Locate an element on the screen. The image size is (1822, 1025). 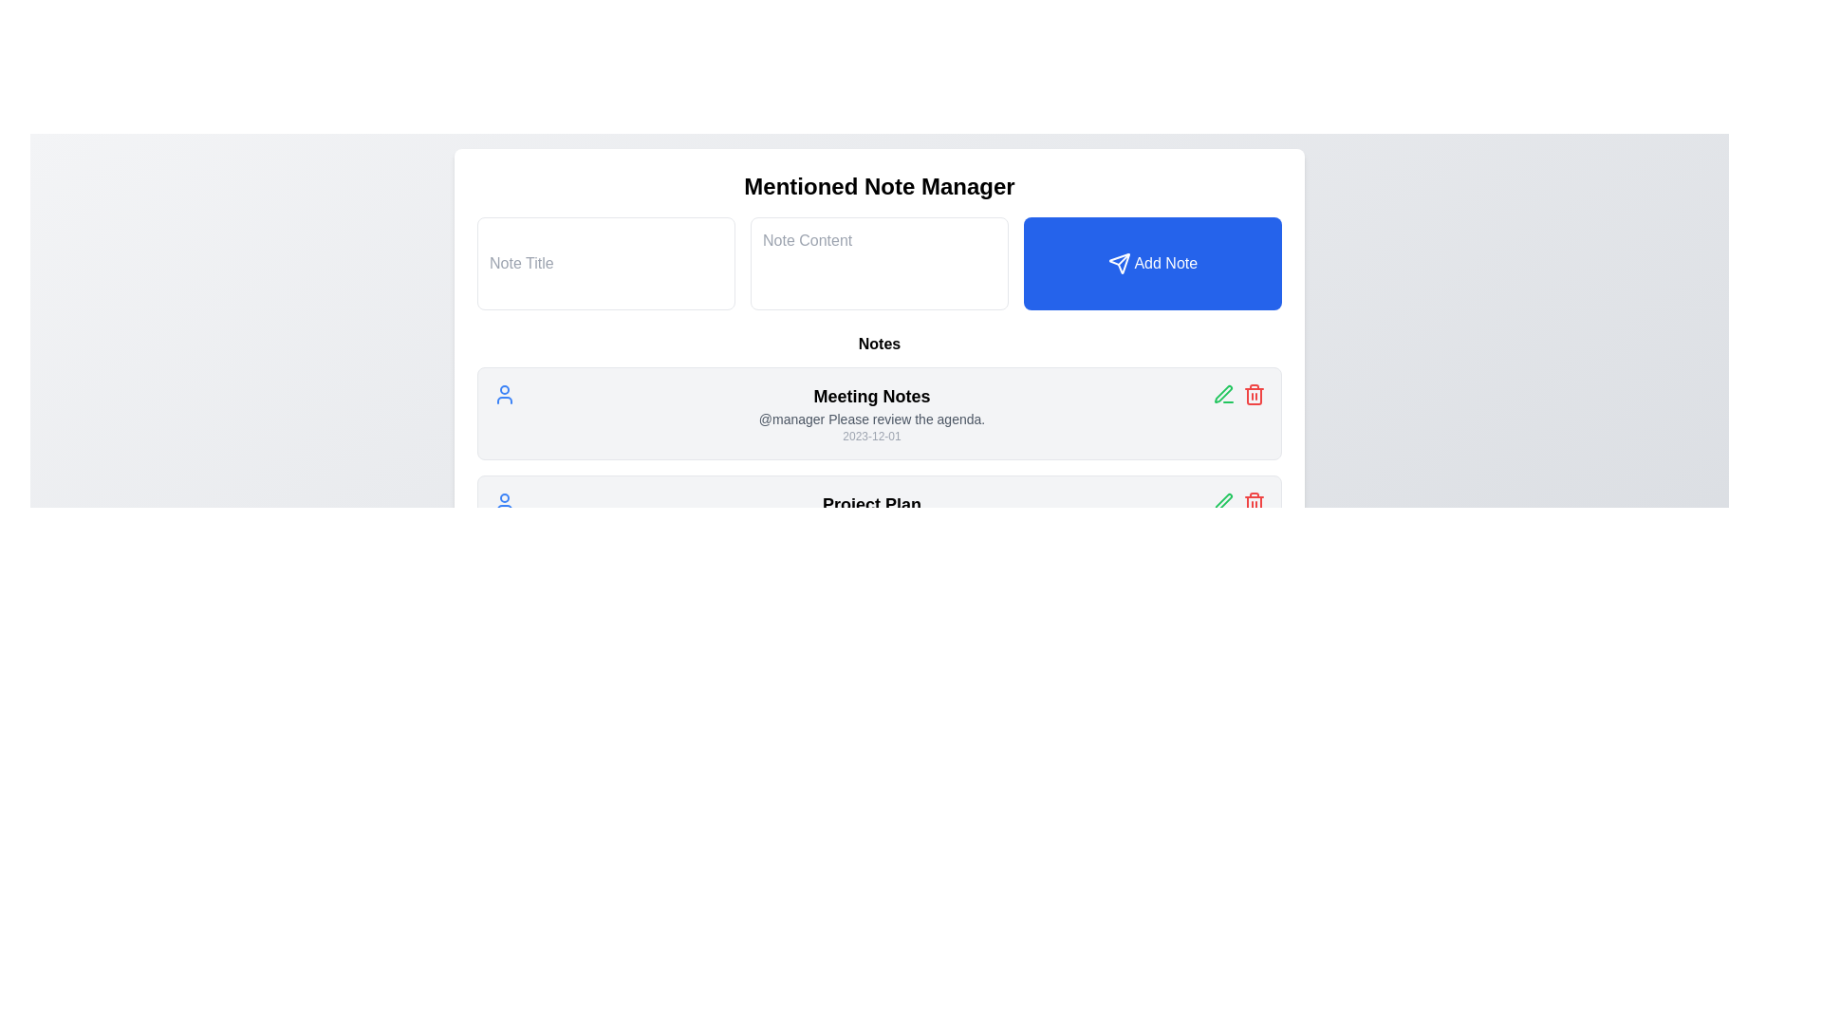
the 'Add Note' button, which is a rectangular button with rounded corners, a vivid blue background, and white text, located in the top right of the layout is located at coordinates (1151, 263).